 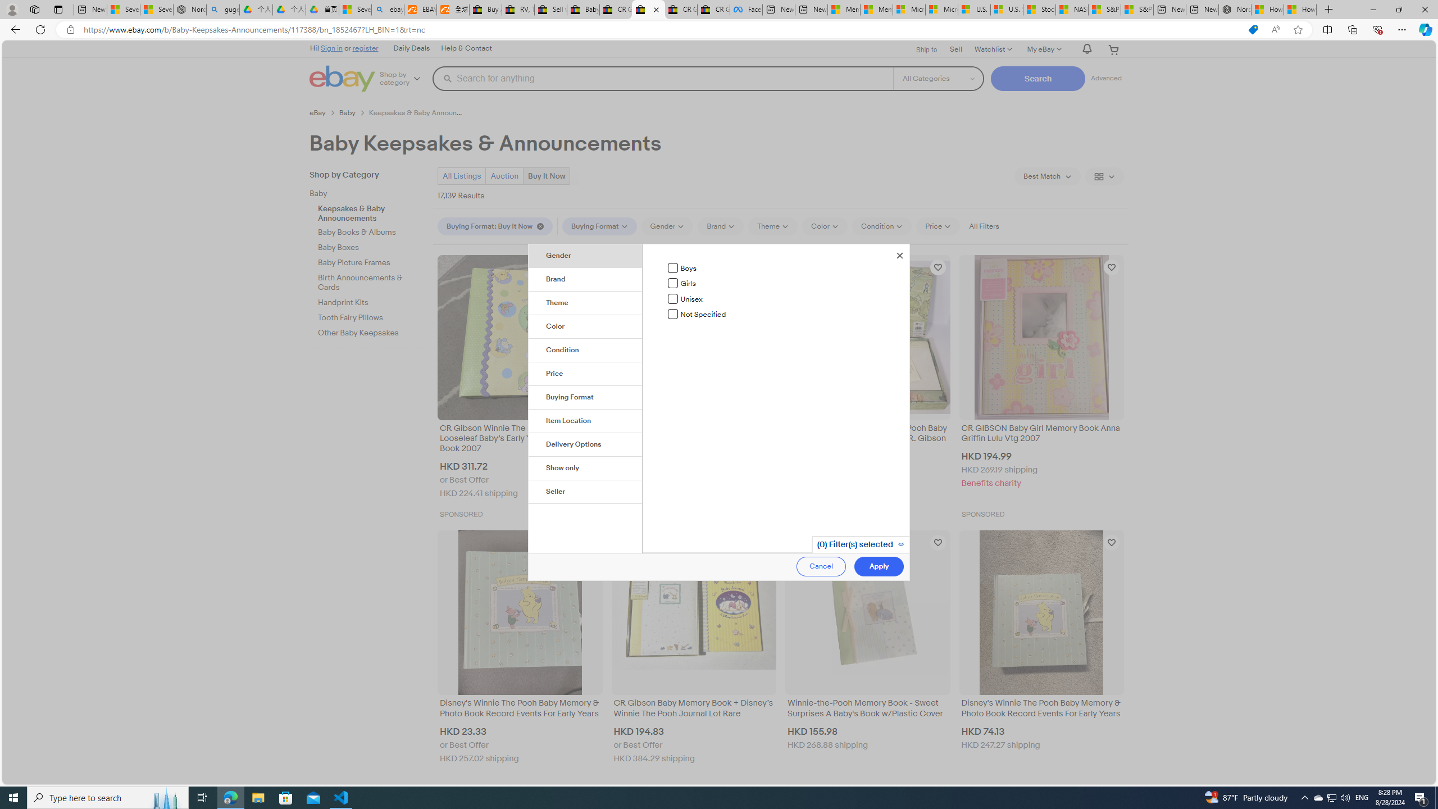 I want to click on 'Close tab', so click(x=656, y=9).